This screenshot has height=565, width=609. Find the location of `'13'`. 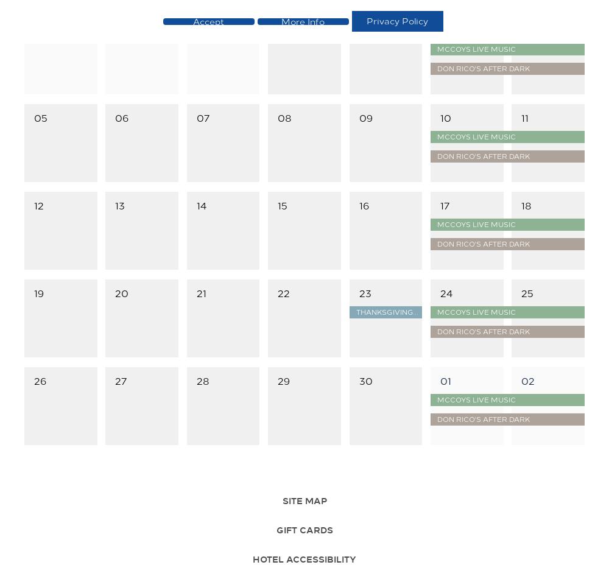

'13' is located at coordinates (119, 204).